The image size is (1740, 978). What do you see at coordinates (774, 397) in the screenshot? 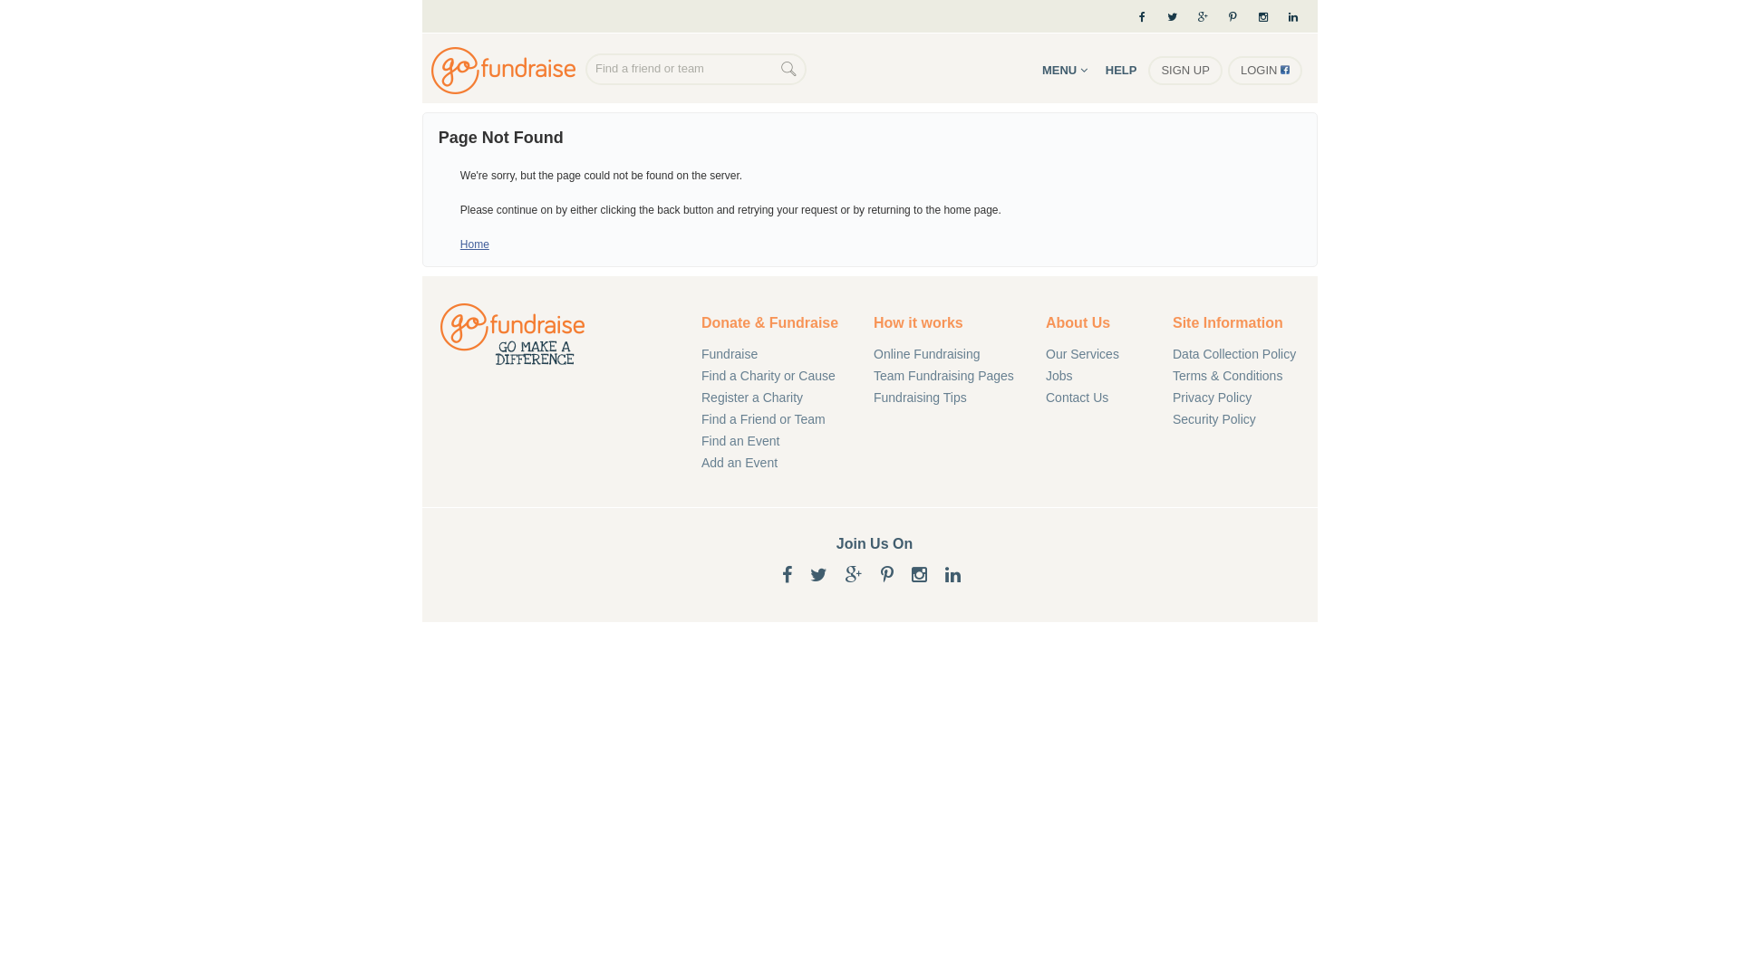
I see `'Register a Charity'` at bounding box center [774, 397].